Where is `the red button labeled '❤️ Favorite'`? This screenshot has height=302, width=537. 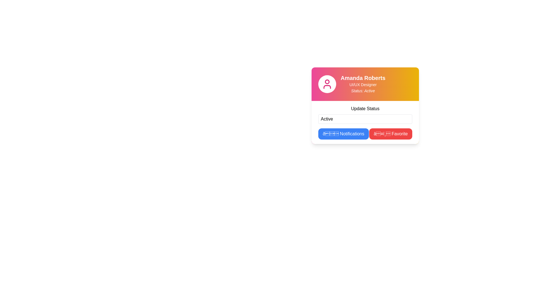 the red button labeled '❤️ Favorite' is located at coordinates (390, 134).